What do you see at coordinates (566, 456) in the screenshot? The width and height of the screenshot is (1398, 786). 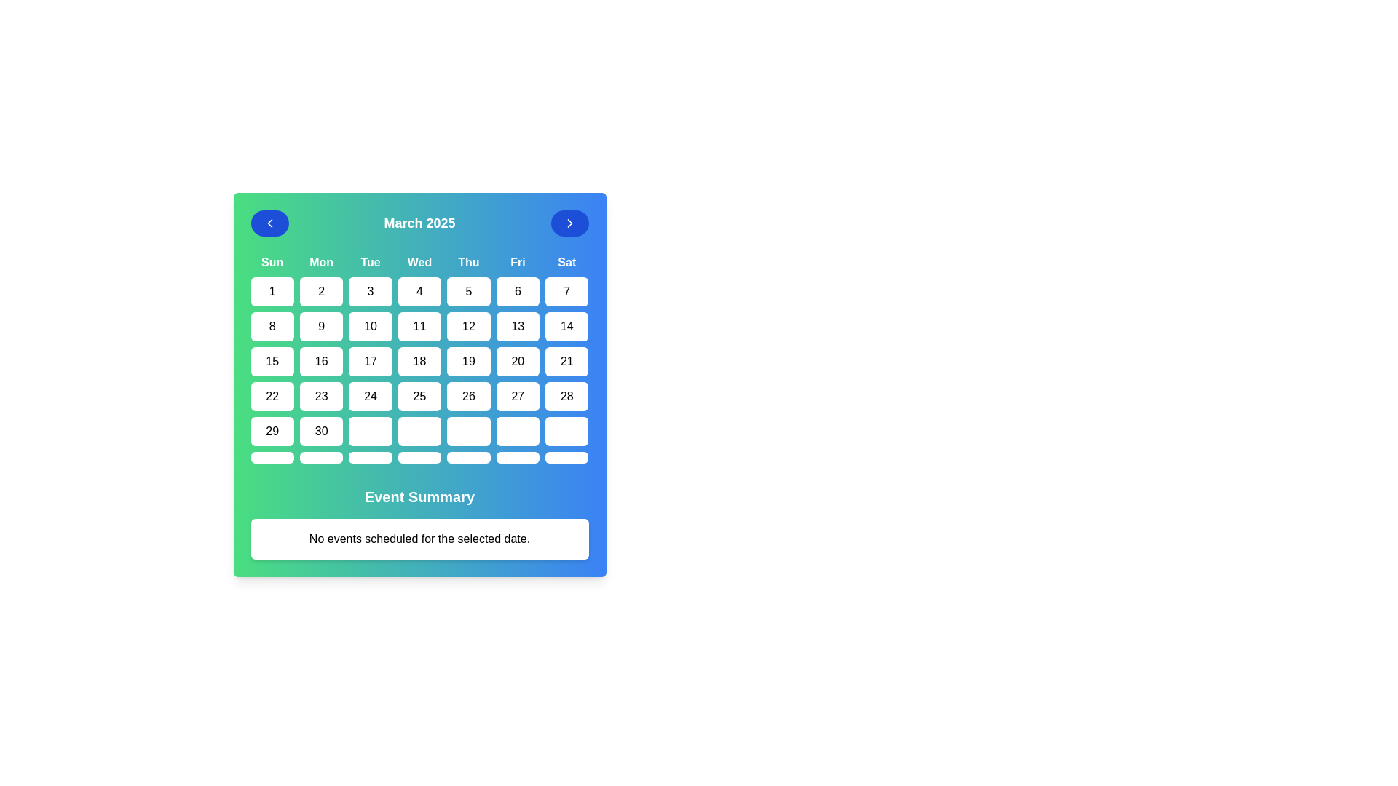 I see `the empty rectangular button with rounded corners located in the last column of the last row of the calendar grid` at bounding box center [566, 456].